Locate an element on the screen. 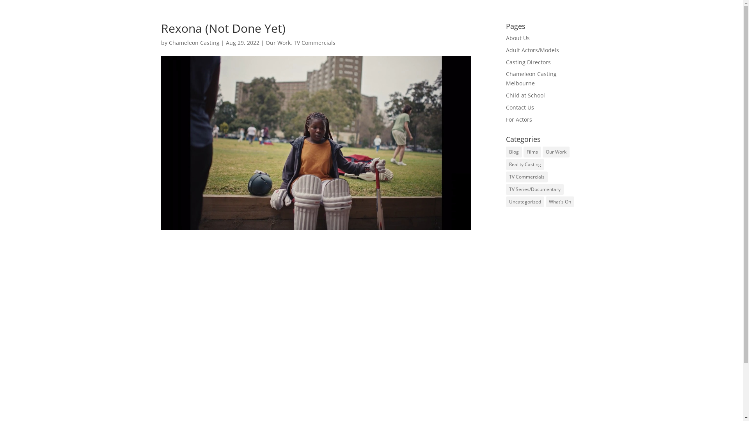 The width and height of the screenshot is (749, 421). 'Our Work' is located at coordinates (542, 152).